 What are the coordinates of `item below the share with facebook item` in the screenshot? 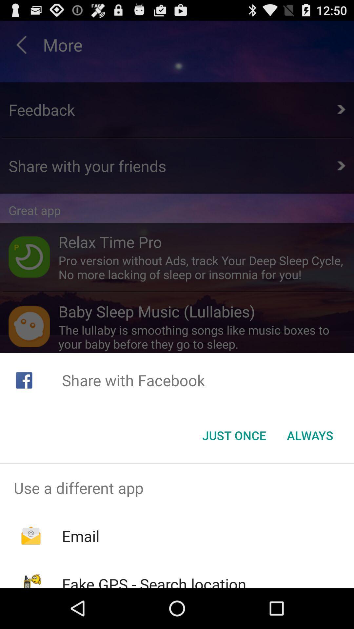 It's located at (310, 435).